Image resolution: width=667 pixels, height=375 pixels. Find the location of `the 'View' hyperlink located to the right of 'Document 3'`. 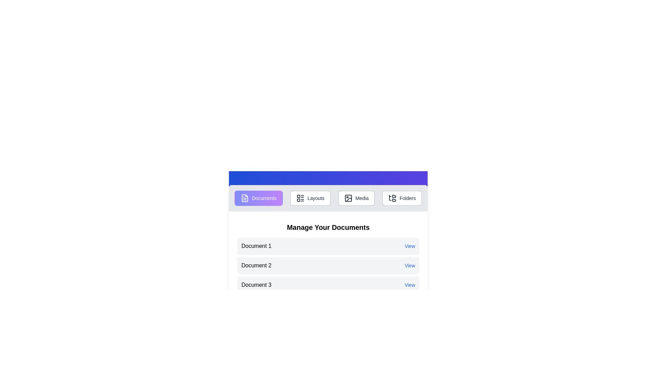

the 'View' hyperlink located to the right of 'Document 3' is located at coordinates (410, 285).